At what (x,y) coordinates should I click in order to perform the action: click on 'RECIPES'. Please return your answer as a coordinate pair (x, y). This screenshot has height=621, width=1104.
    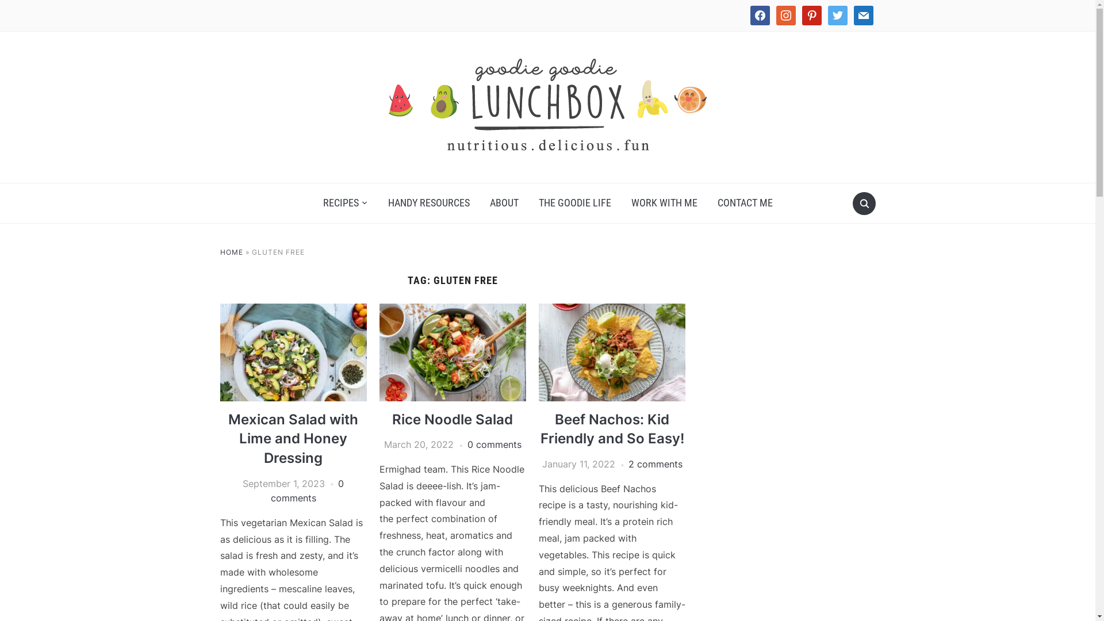
    Looking at the image, I should click on (344, 202).